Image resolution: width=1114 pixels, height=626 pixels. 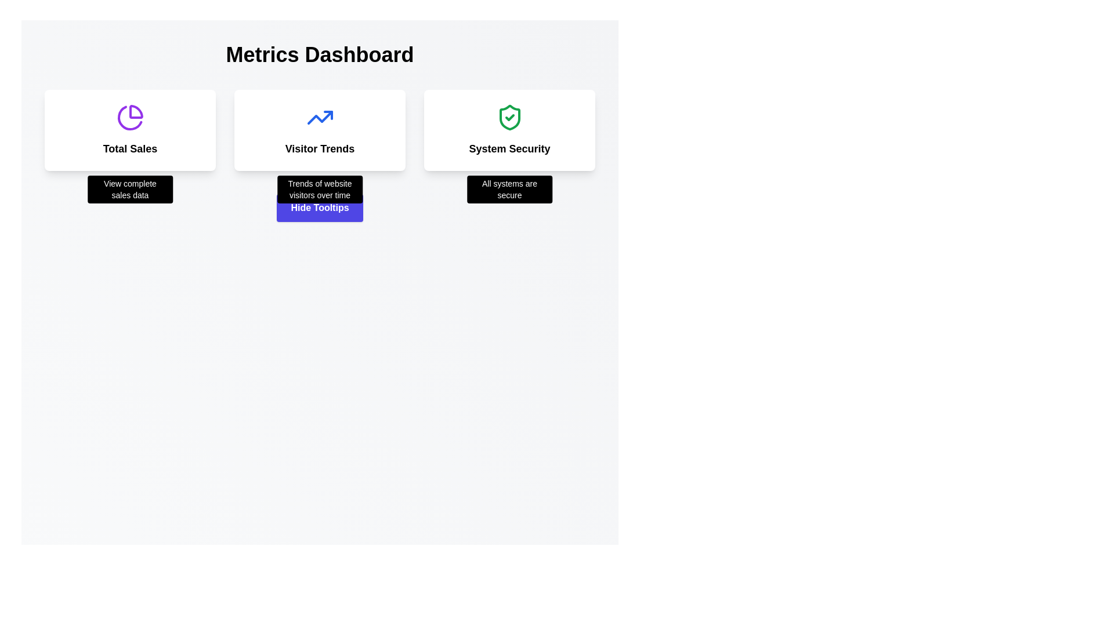 I want to click on the security status icon located above the 'System Security' text within the security indicator card on the right side of the layout, so click(x=509, y=118).